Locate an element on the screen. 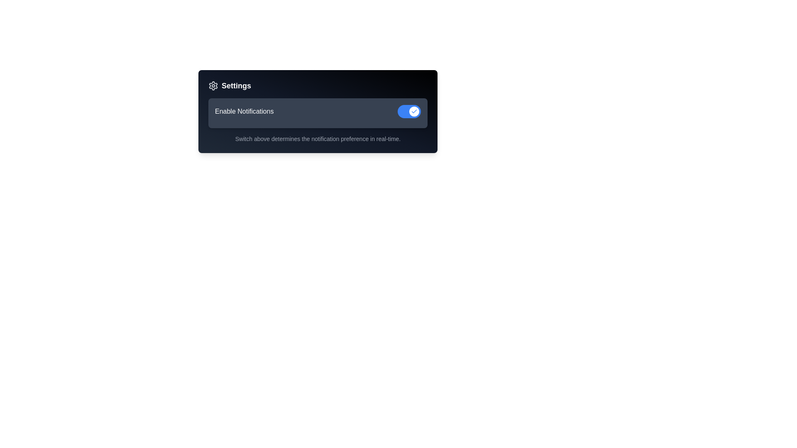 The width and height of the screenshot is (797, 448). the Text label located in the top portion of the card-like layout, which serves as a heading and is positioned to the right of a gear icon is located at coordinates (236, 86).